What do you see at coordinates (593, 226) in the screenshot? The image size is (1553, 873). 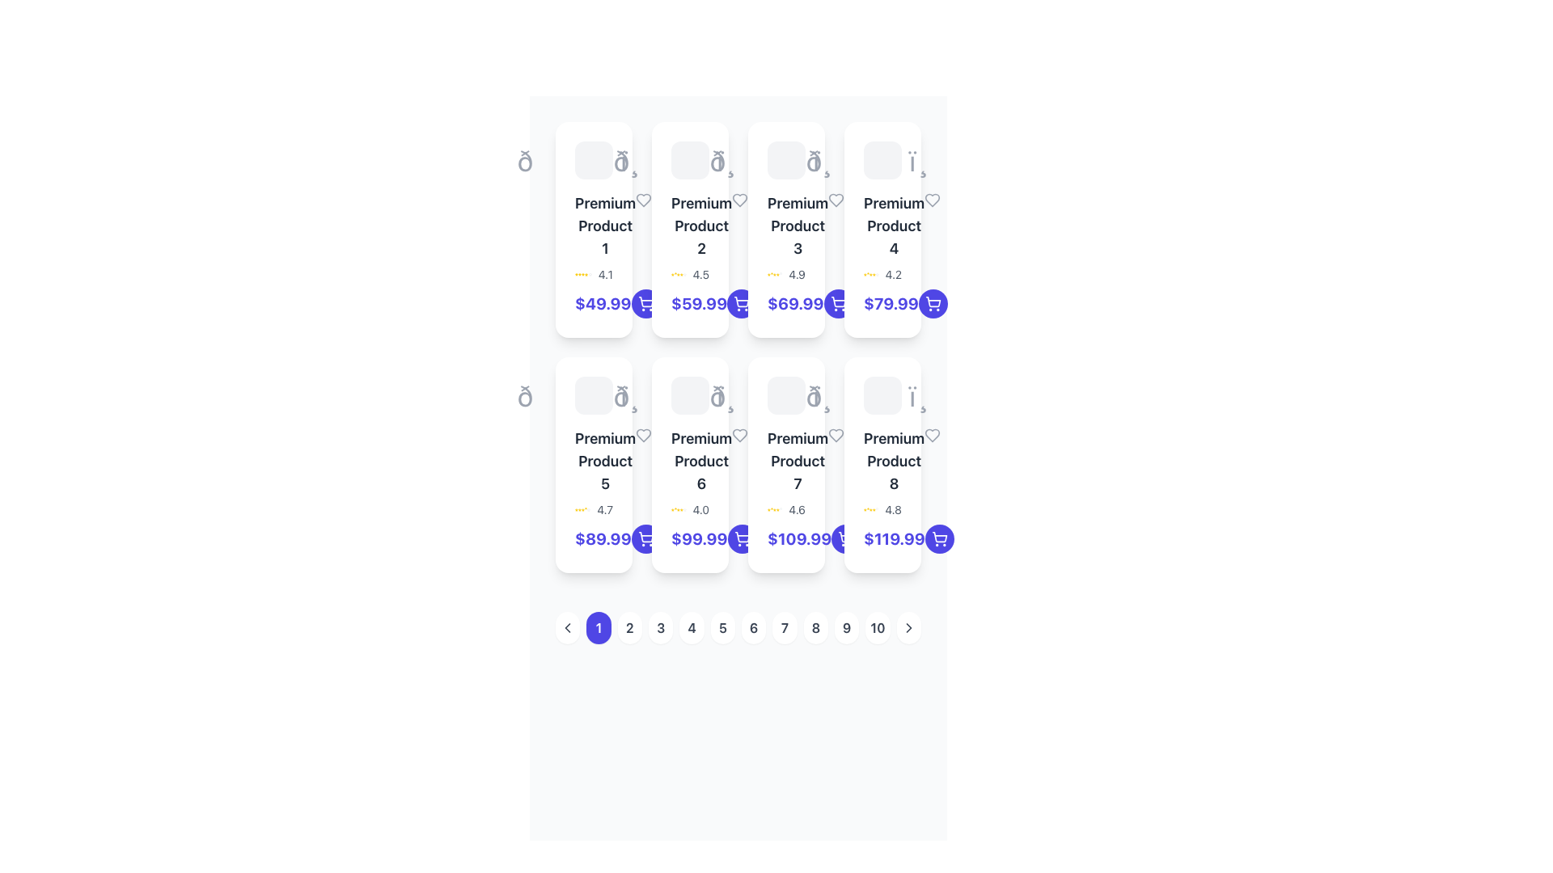 I see `the product name Text label located in the upper left corner of the product grid, specifically in the first cell of the first row` at bounding box center [593, 226].